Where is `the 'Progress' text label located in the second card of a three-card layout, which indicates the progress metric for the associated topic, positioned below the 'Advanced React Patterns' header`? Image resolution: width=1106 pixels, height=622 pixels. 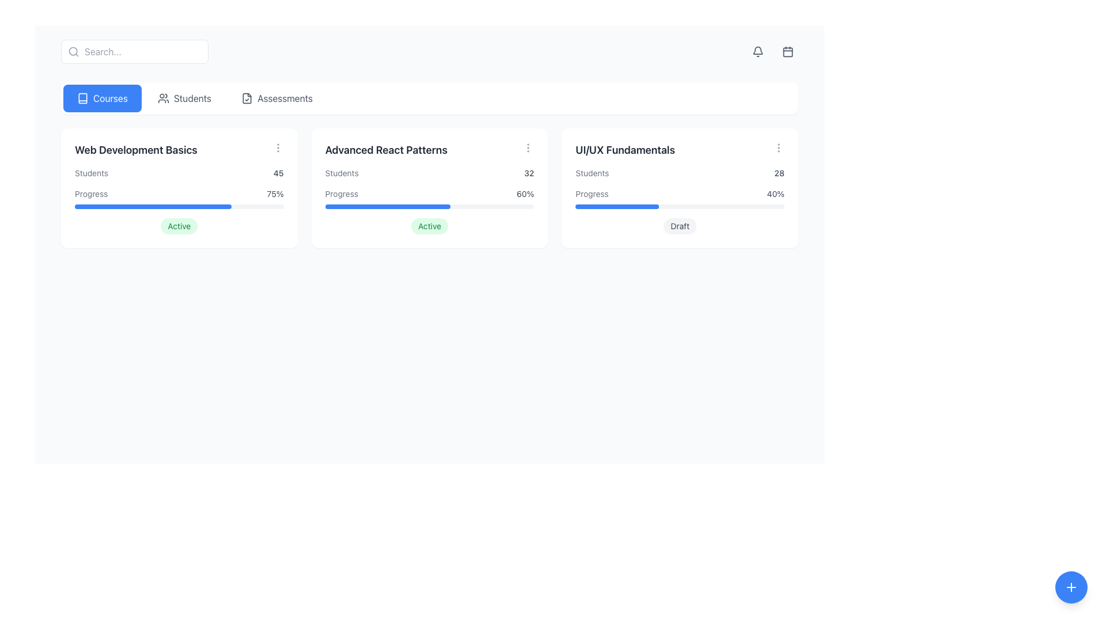
the 'Progress' text label located in the second card of a three-card layout, which indicates the progress metric for the associated topic, positioned below the 'Advanced React Patterns' header is located at coordinates (341, 193).